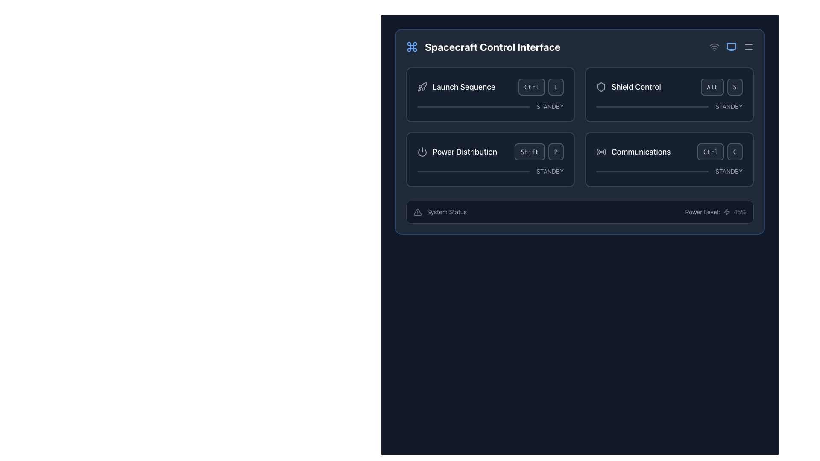 The width and height of the screenshot is (820, 461). What do you see at coordinates (731, 46) in the screenshot?
I see `the graphical icon resembling a monitor device located at the top-right corner of the interface, which is the third item in a sequence of icons` at bounding box center [731, 46].